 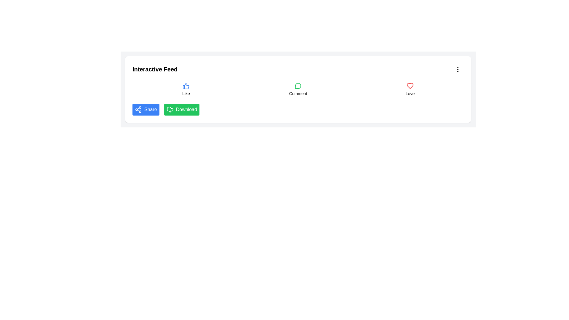 What do you see at coordinates (458, 69) in the screenshot?
I see `the vertical ellipsis icon in the top-right corner of the 'Interactive Feed' card` at bounding box center [458, 69].